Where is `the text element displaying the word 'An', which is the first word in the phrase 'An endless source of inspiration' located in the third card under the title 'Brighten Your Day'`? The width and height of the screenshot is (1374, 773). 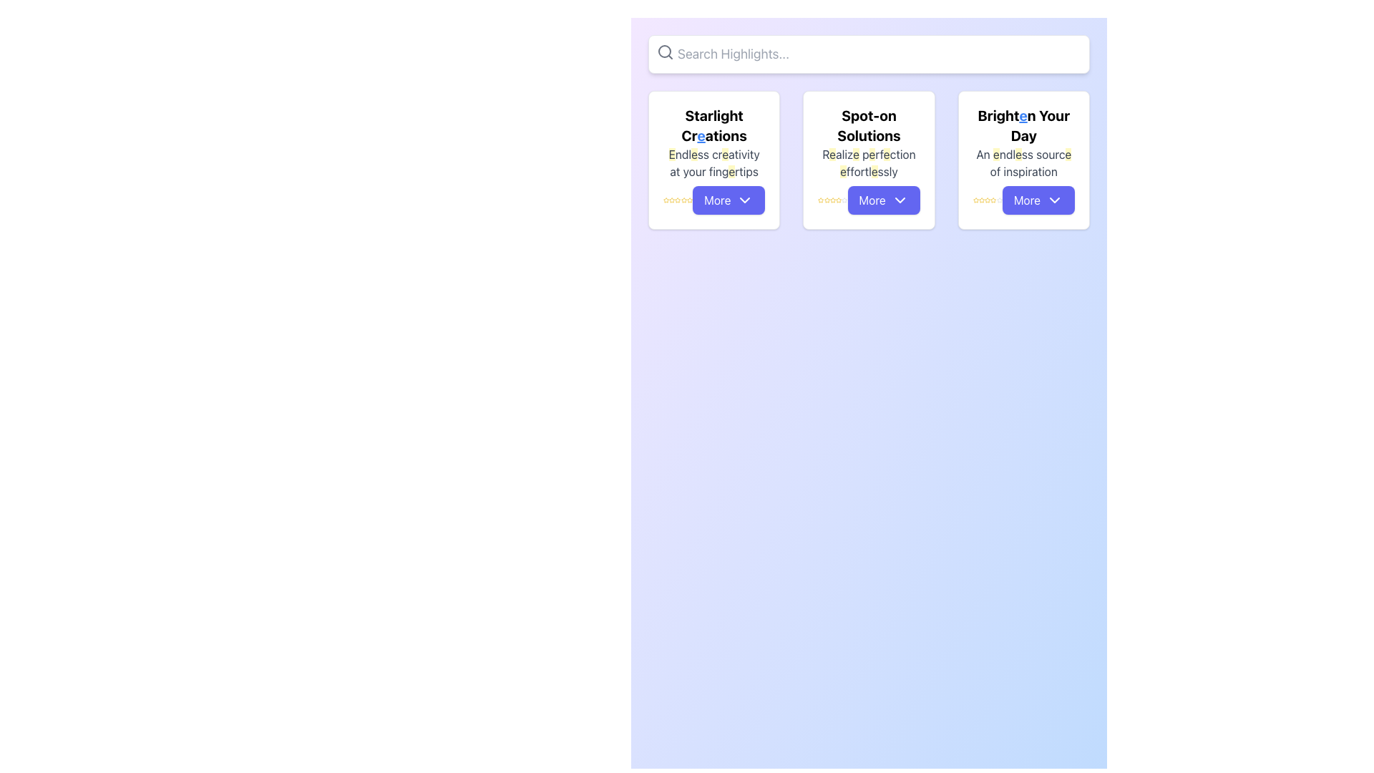
the text element displaying the word 'An', which is the first word in the phrase 'An endless source of inspiration' located in the third card under the title 'Brighten Your Day' is located at coordinates (984, 155).